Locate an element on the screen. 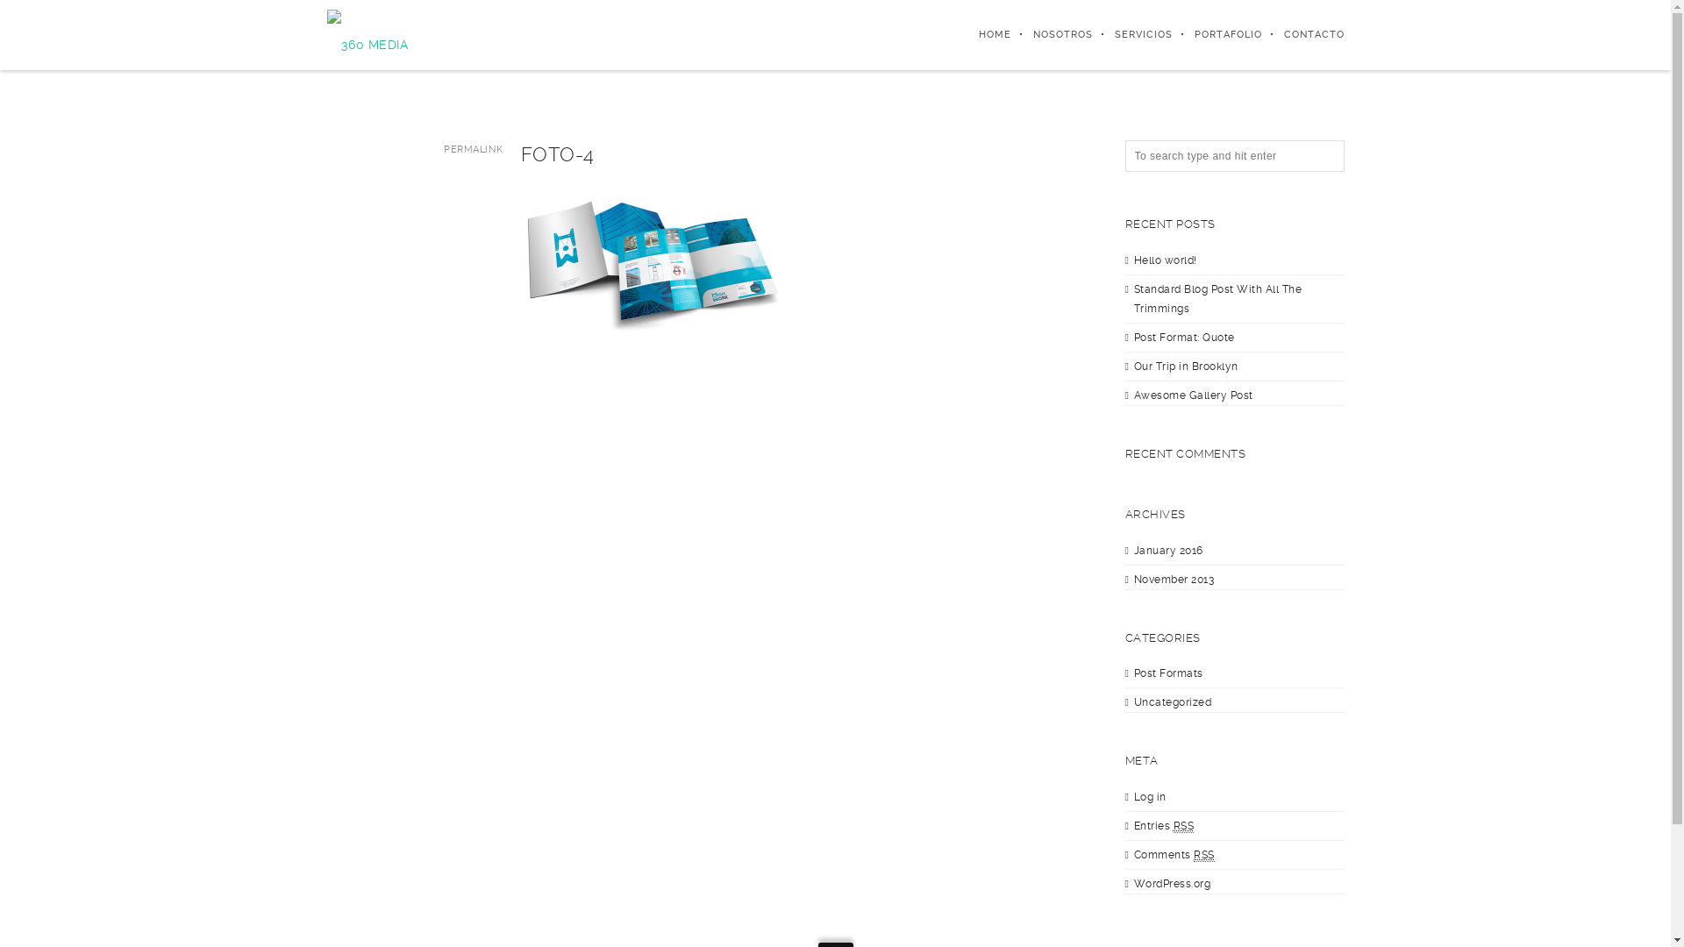 The width and height of the screenshot is (1684, 947). 'Our Trip in Brooklyn' is located at coordinates (1185, 364).